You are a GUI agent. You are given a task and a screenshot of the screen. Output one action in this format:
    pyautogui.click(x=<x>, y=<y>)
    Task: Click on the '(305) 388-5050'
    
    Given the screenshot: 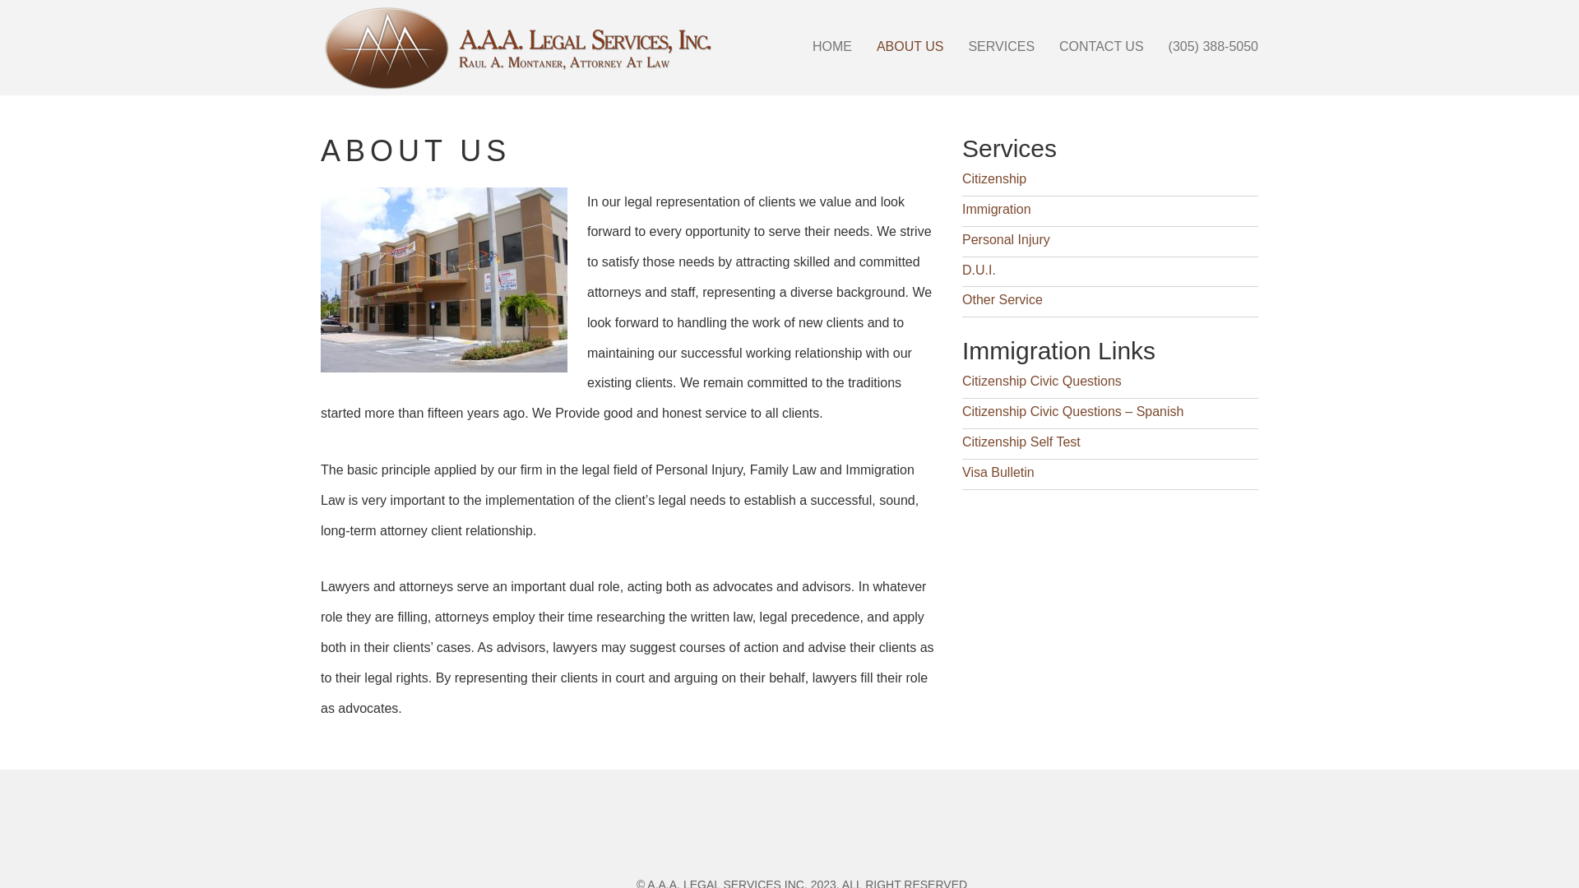 What is the action you would take?
    pyautogui.click(x=1213, y=46)
    